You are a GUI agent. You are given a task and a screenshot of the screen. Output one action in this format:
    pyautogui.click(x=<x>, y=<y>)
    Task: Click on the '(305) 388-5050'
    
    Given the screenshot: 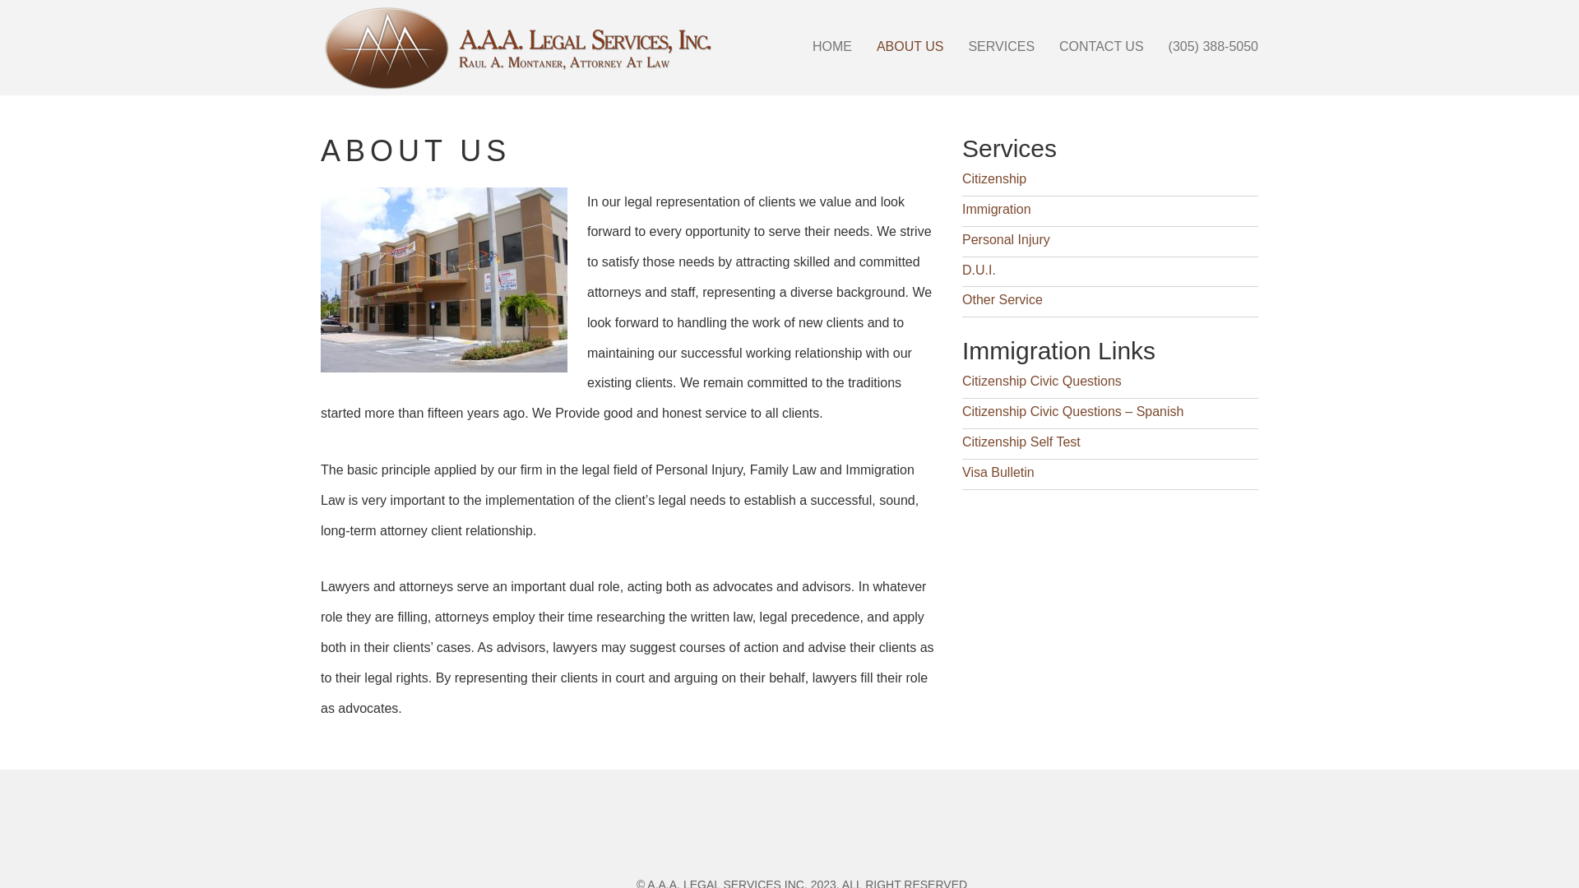 What is the action you would take?
    pyautogui.click(x=1213, y=46)
    